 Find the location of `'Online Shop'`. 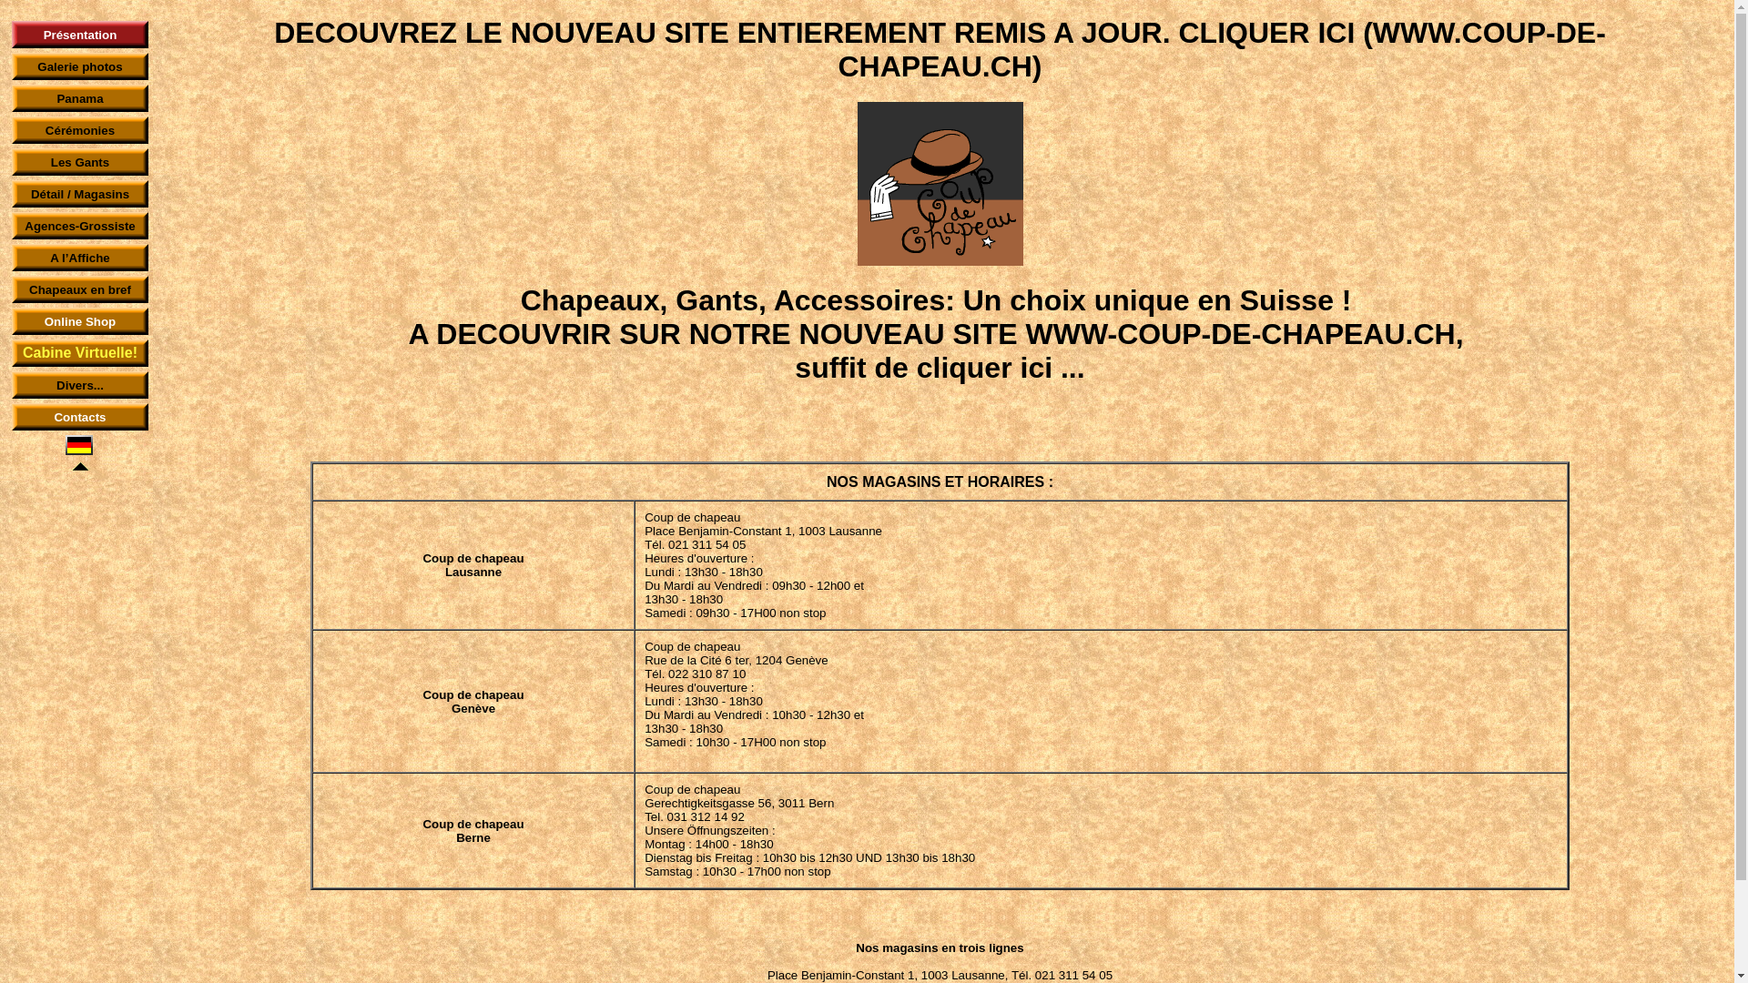

'Online Shop' is located at coordinates (79, 320).